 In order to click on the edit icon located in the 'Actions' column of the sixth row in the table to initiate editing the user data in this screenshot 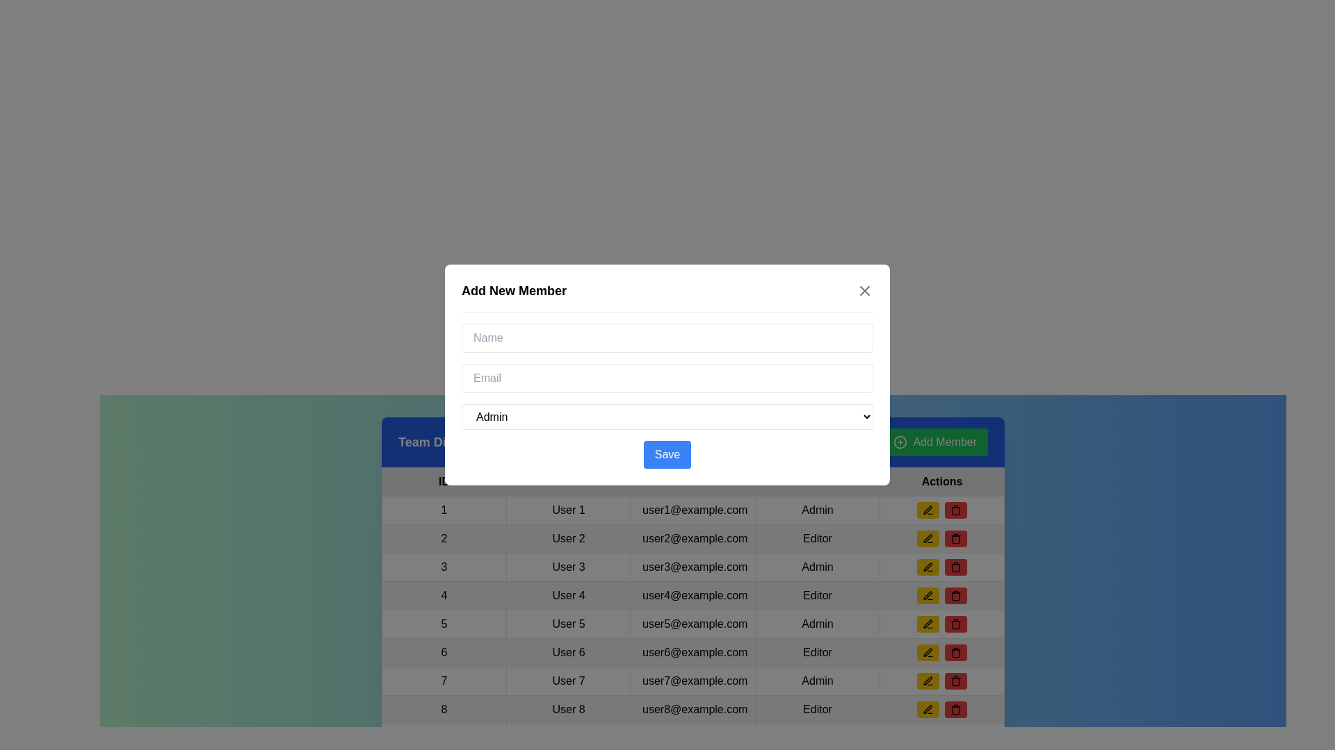, I will do `click(928, 651)`.